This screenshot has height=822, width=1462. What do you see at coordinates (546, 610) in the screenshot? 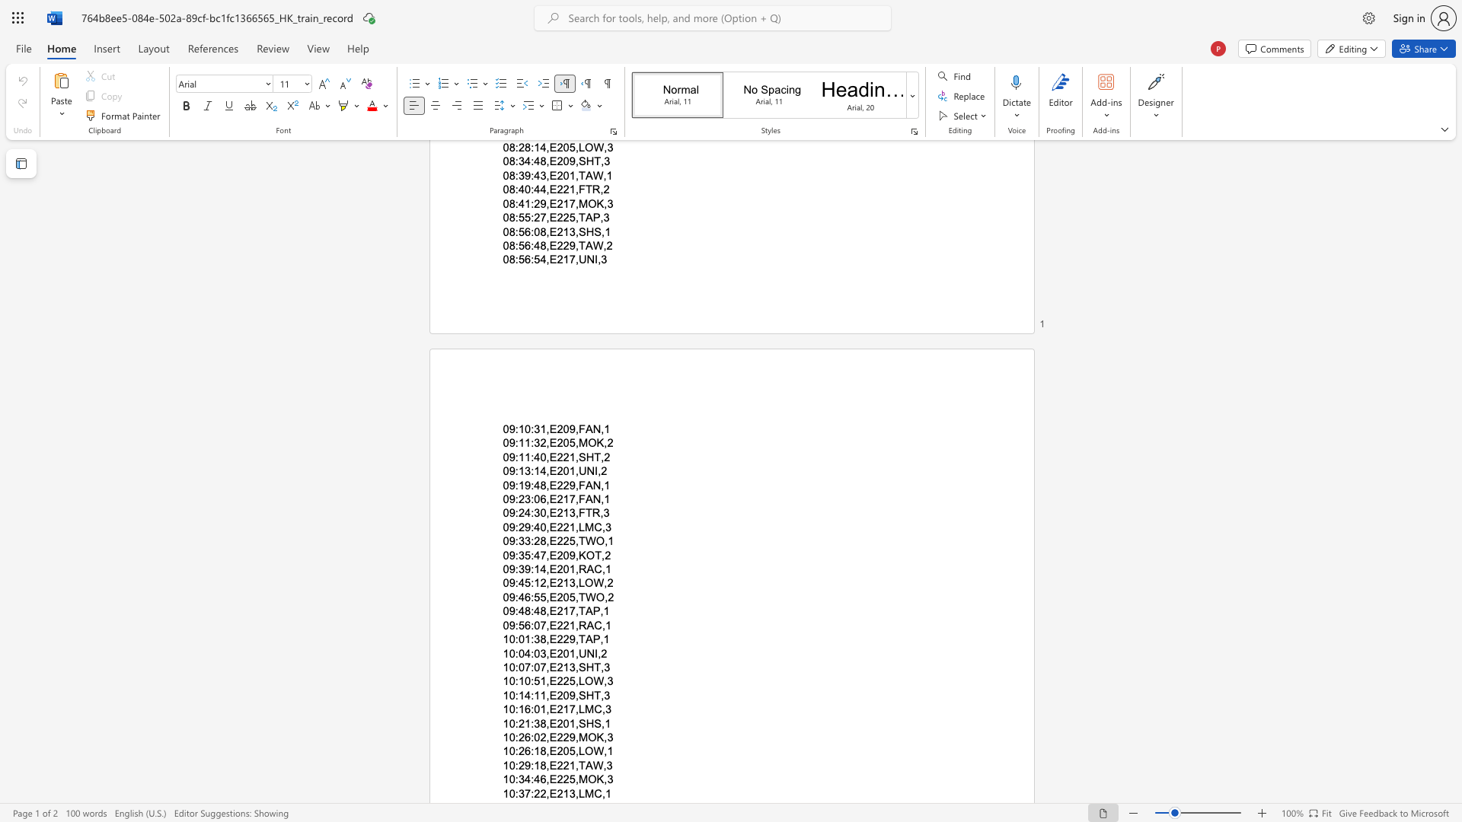
I see `the subset text ",E217,TA" within the text "09:48:48,E217,TAP,1"` at bounding box center [546, 610].